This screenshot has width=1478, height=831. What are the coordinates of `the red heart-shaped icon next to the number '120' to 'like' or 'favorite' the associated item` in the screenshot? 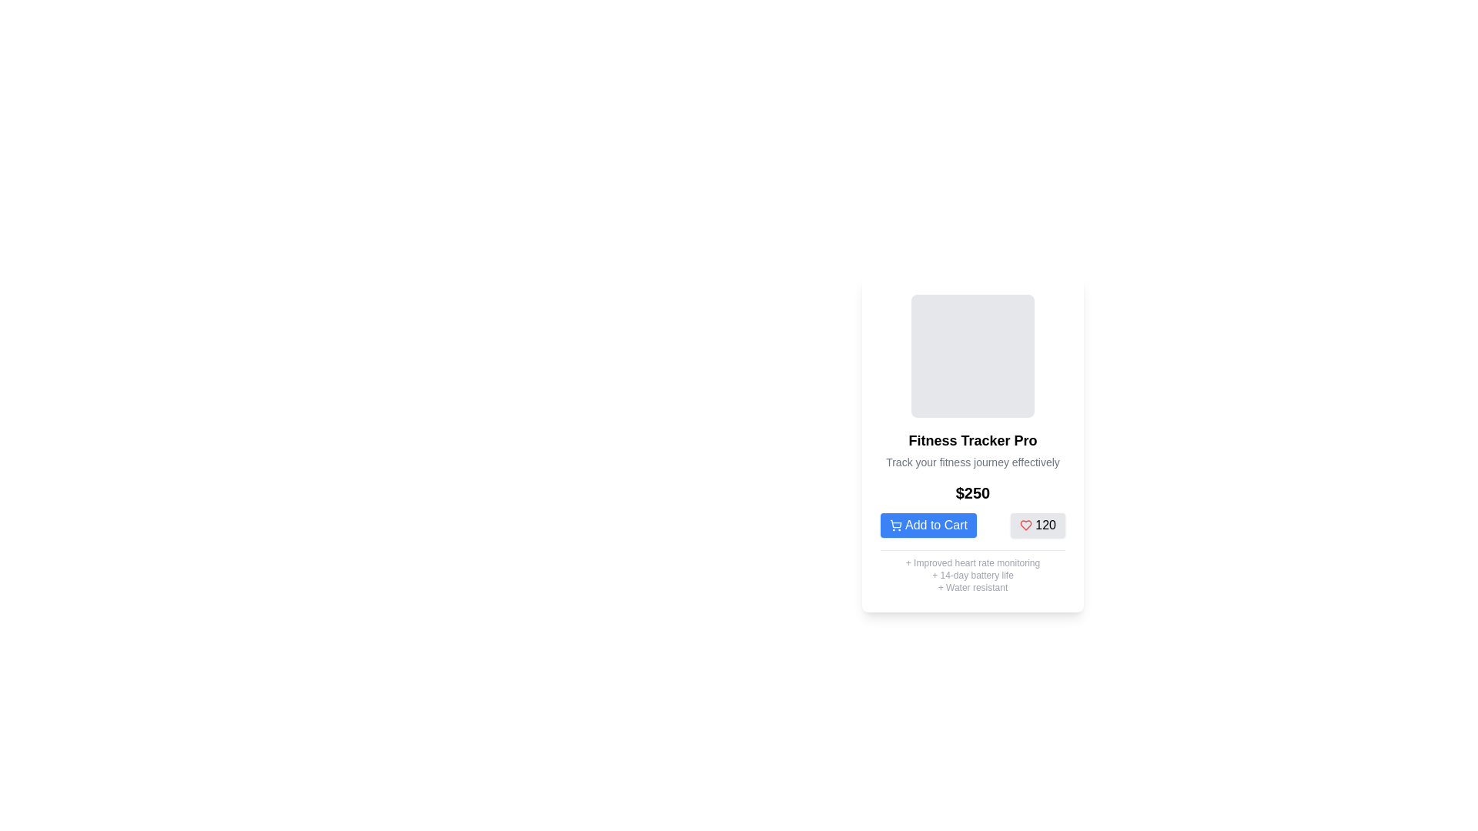 It's located at (1026, 524).